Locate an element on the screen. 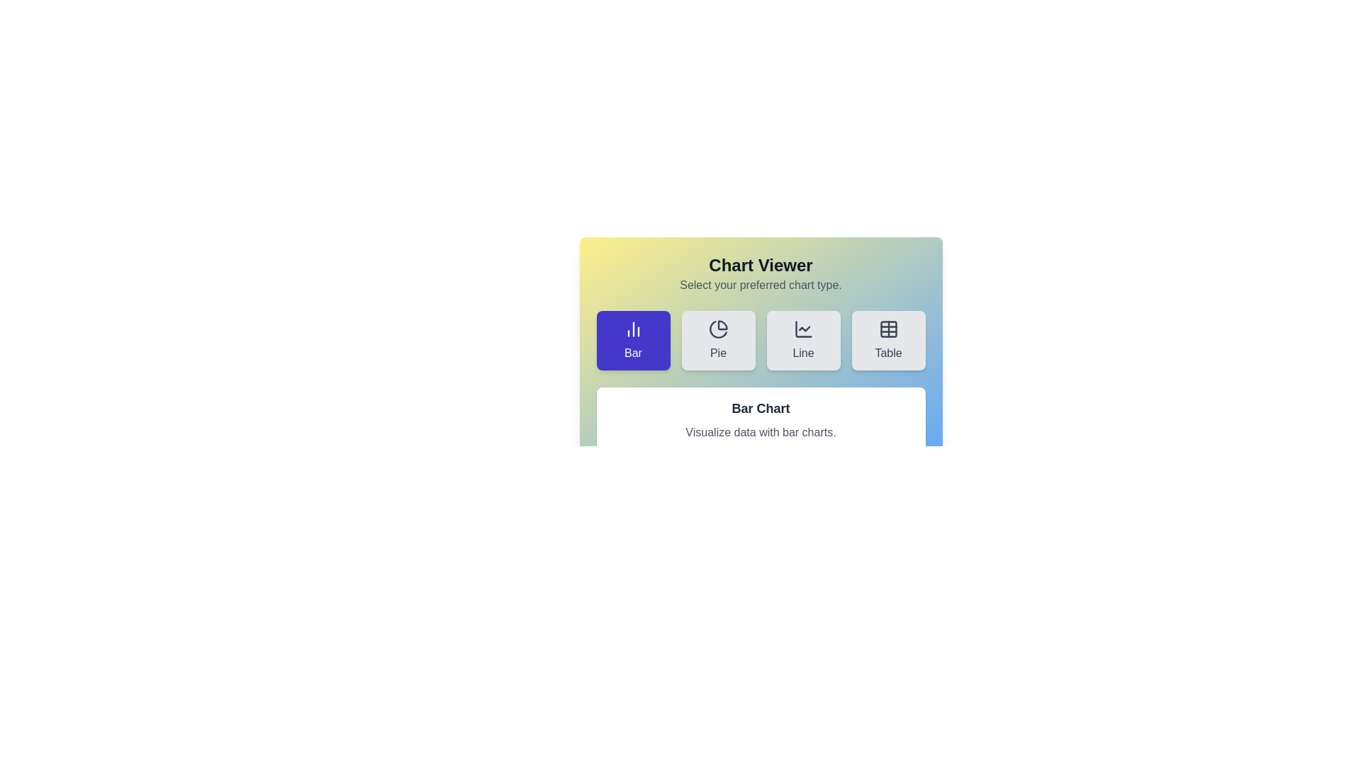 Image resolution: width=1361 pixels, height=765 pixels. text of the Header/Text Label that serves as a section title for the content about bar charts, positioned above the text 'Visualize data with bar charts.' is located at coordinates (760, 409).